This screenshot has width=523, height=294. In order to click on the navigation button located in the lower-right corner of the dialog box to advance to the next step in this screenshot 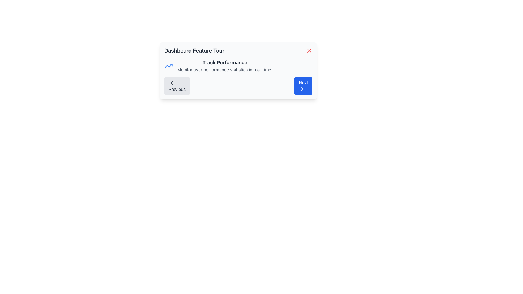, I will do `click(303, 86)`.